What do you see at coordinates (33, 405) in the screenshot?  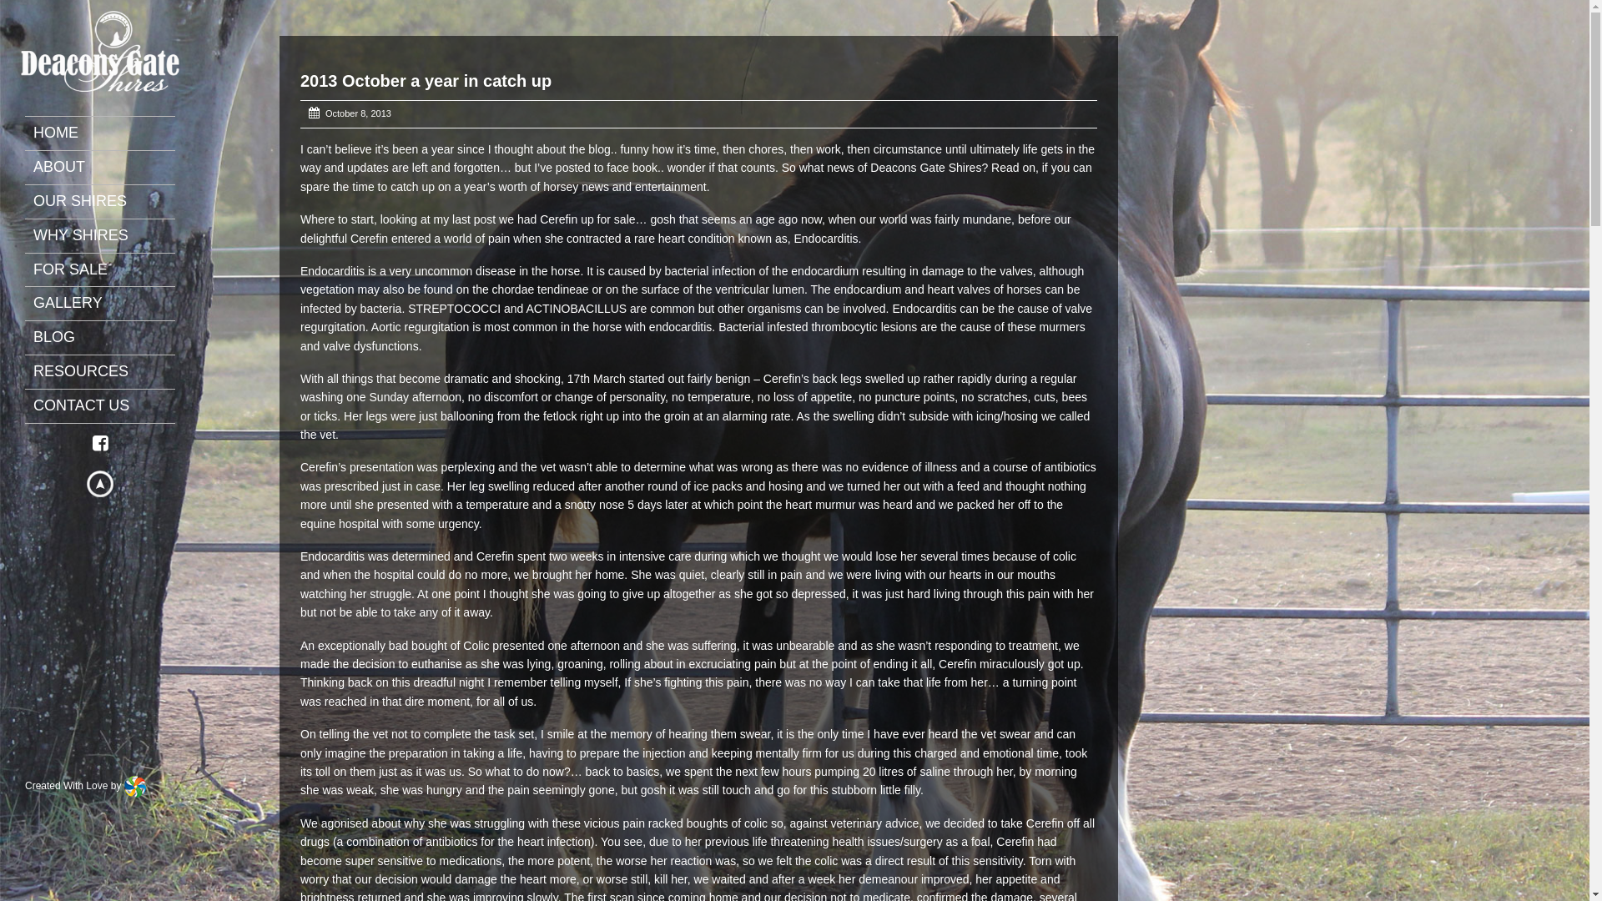 I see `'CONTACT US'` at bounding box center [33, 405].